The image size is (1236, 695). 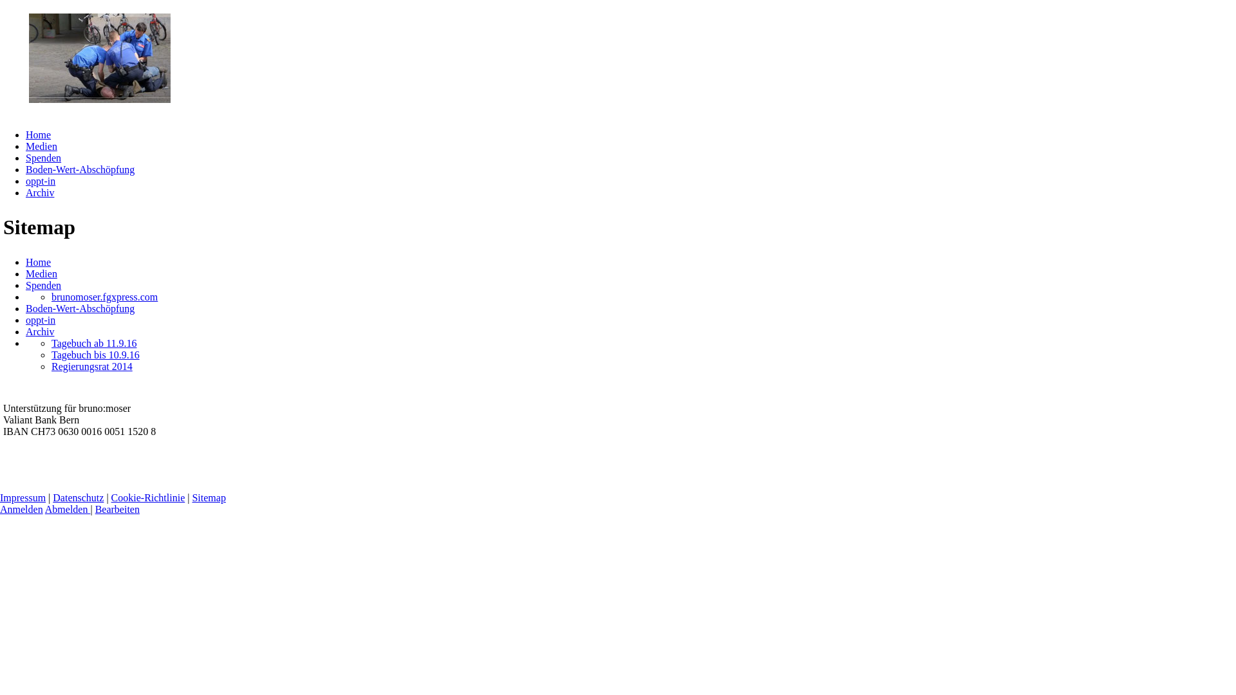 I want to click on 'oppt-in', so click(x=40, y=319).